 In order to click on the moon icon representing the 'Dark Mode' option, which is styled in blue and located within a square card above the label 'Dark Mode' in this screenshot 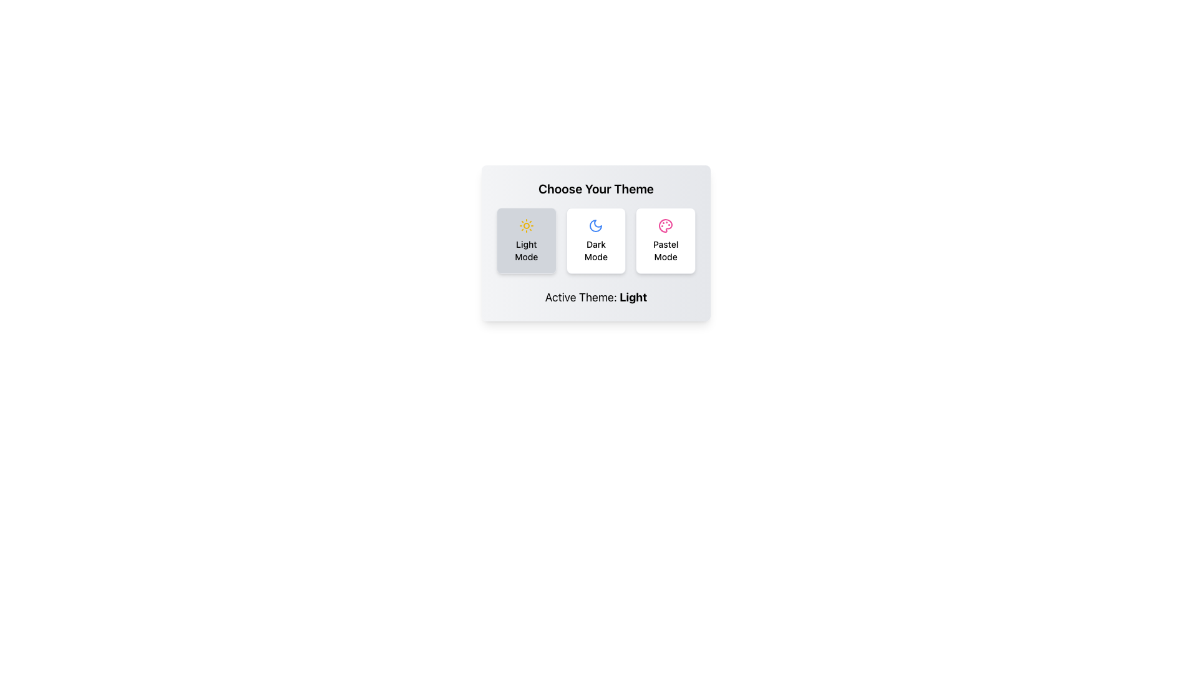, I will do `click(595, 226)`.